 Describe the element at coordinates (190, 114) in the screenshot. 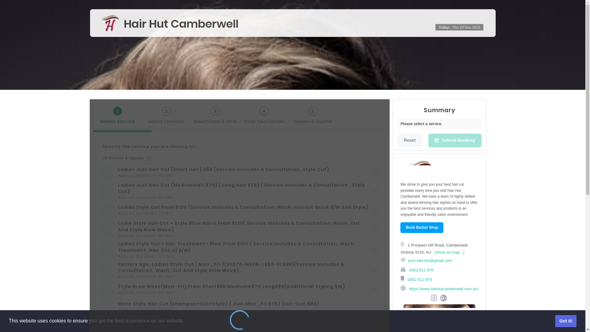

I see `'3` at that location.